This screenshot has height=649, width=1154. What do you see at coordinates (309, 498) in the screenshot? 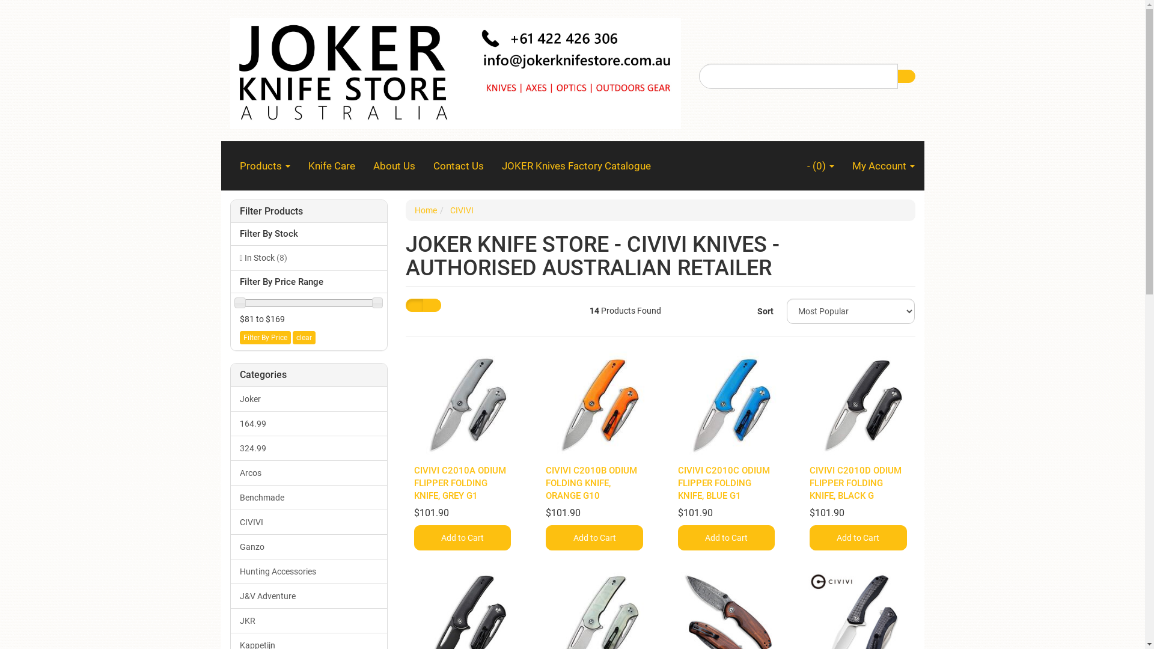
I see `'Benchmade'` at bounding box center [309, 498].